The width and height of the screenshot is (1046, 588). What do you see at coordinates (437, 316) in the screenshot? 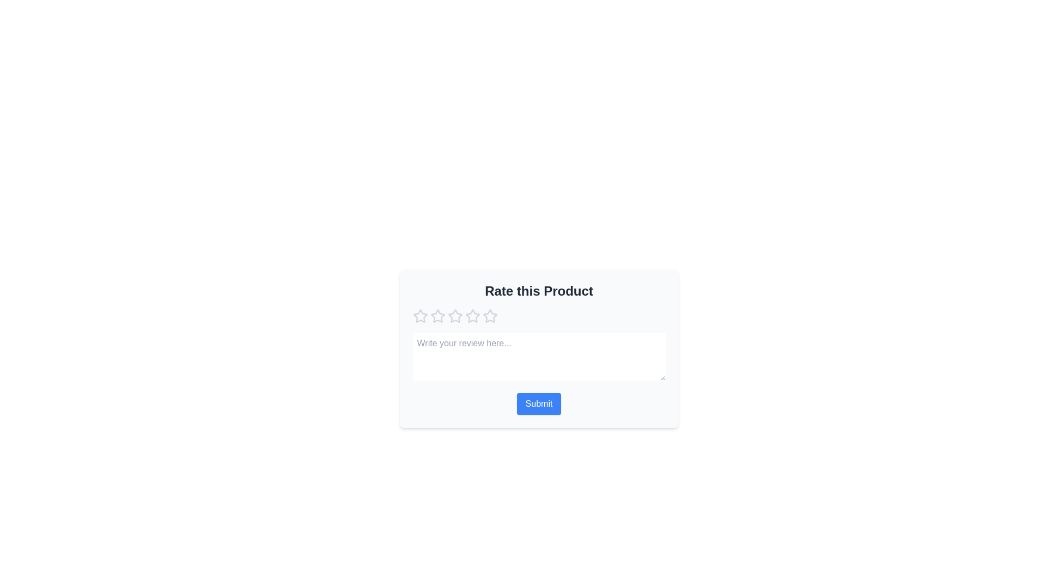
I see `the star corresponding to 2 stars to set the rating` at bounding box center [437, 316].